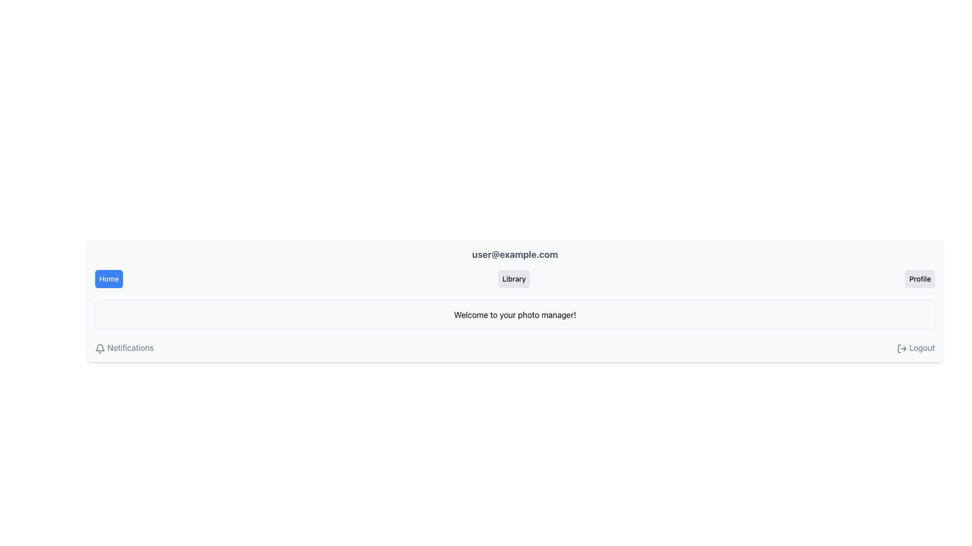 Image resolution: width=972 pixels, height=546 pixels. I want to click on the button located in the header bar between the 'Home' and 'Profile' buttons, so click(514, 279).